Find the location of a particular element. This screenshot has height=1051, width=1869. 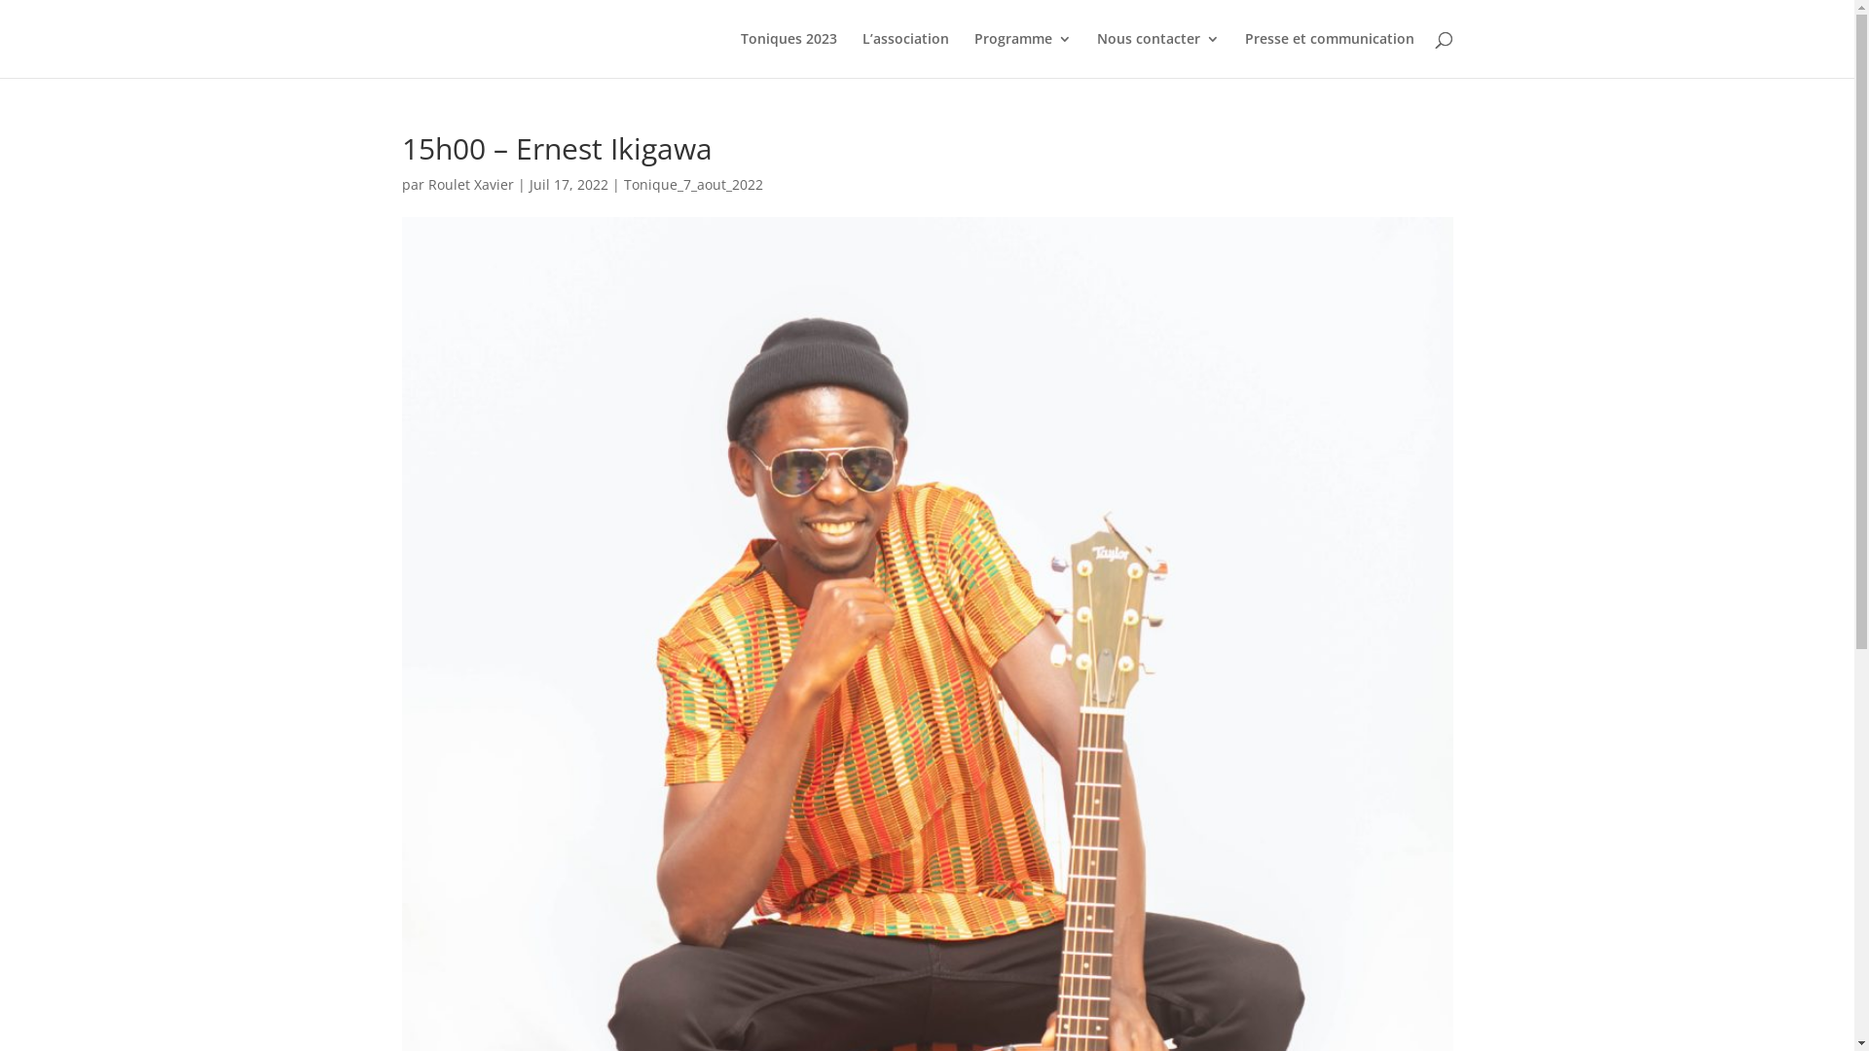

'Tonique_7_aout_2022' is located at coordinates (621, 184).